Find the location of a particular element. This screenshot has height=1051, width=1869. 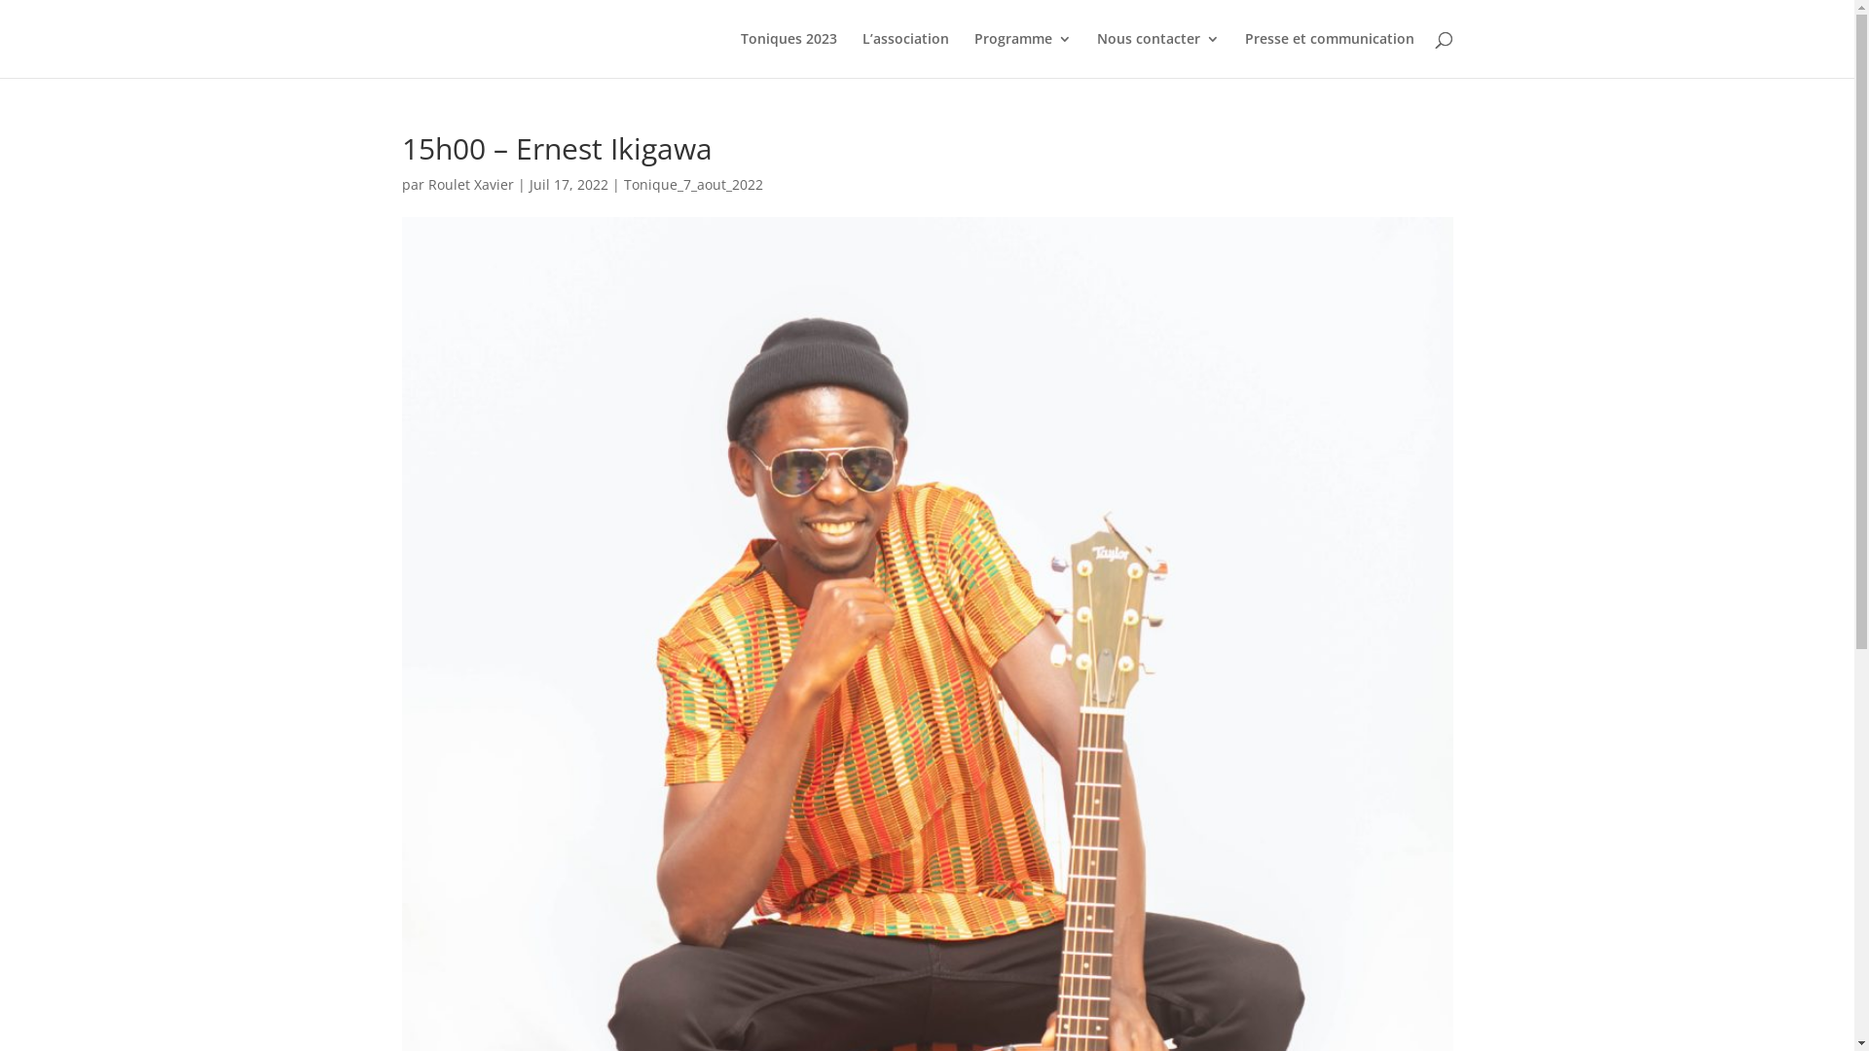

'Tonique_7_aout_2022' is located at coordinates (621, 184).